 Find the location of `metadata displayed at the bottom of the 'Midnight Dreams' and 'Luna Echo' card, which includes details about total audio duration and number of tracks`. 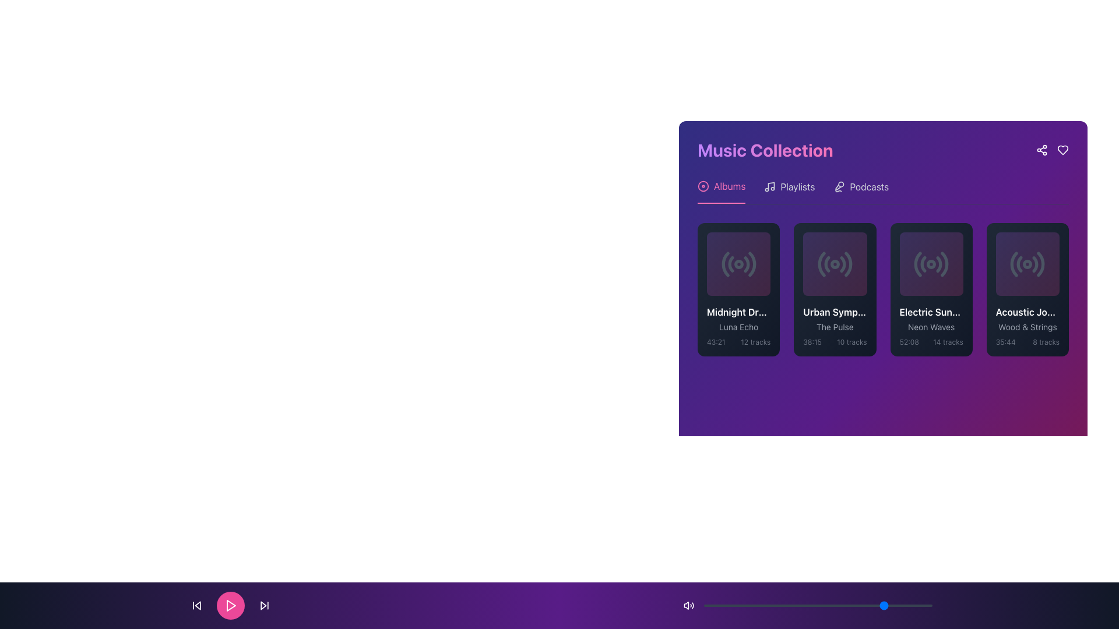

metadata displayed at the bottom of the 'Midnight Dreams' and 'Luna Echo' card, which includes details about total audio duration and number of tracks is located at coordinates (738, 342).